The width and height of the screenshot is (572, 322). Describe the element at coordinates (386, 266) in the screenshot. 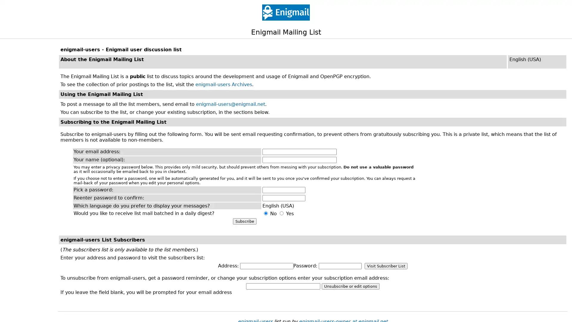

I see `Visit Subscriber List` at that location.